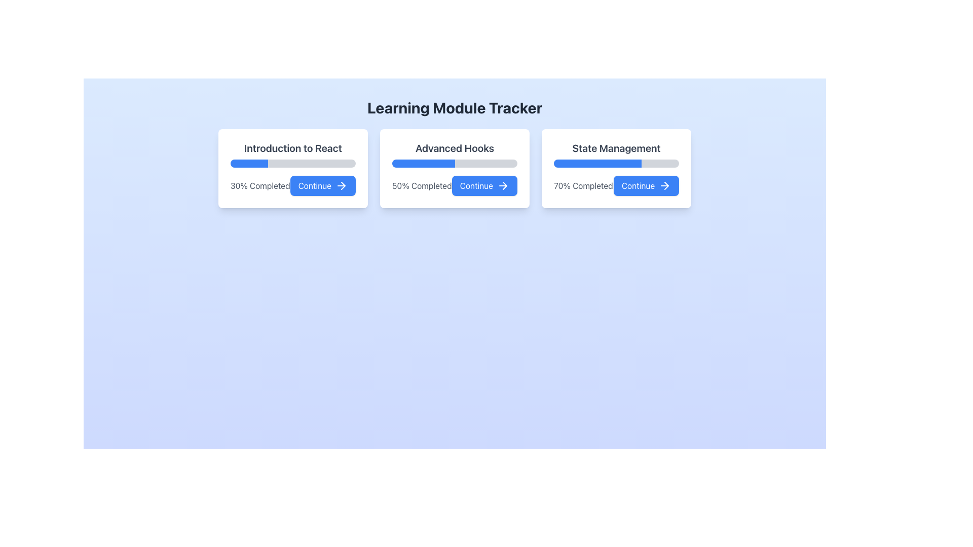  I want to click on the 'Continue' button with a blue background and white text, located in the 'State Management' module card to proceed, so click(646, 185).